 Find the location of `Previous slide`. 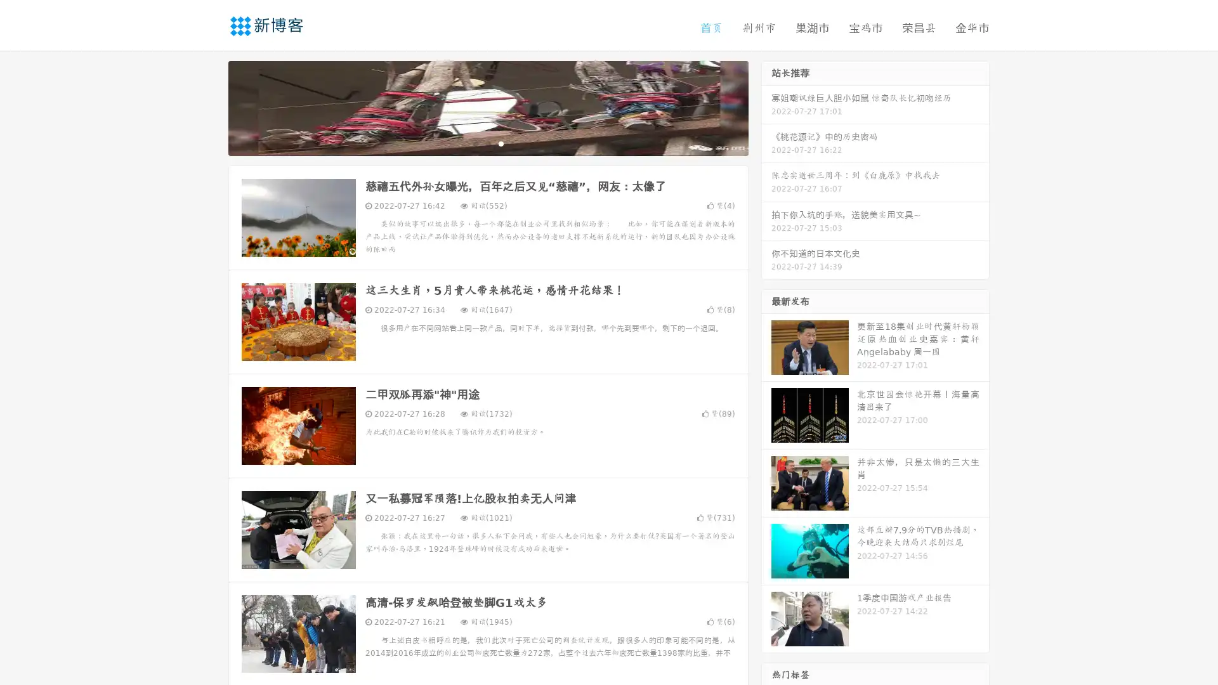

Previous slide is located at coordinates (209, 107).